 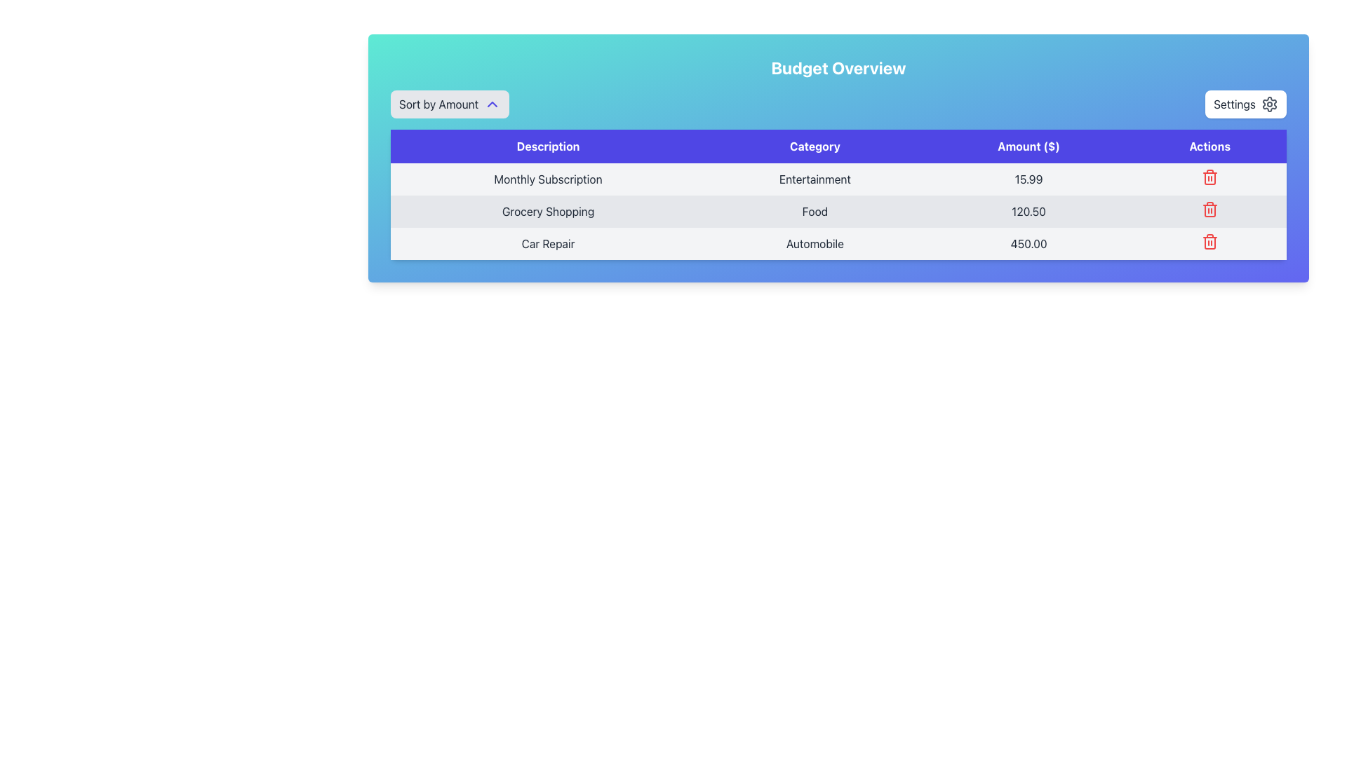 What do you see at coordinates (838, 67) in the screenshot?
I see `the standalone heading element that labels the budget data section, located near the top of the interface` at bounding box center [838, 67].